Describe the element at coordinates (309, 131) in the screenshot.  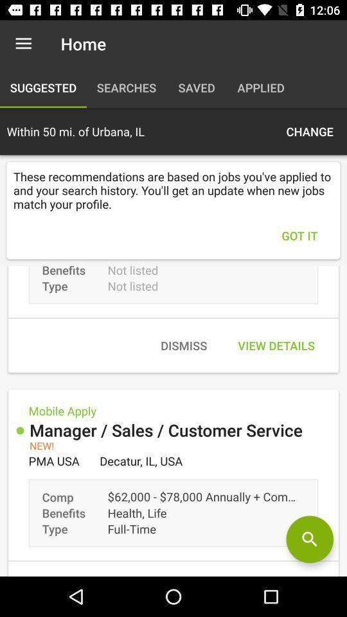
I see `icon next to within 50 mi icon` at that location.